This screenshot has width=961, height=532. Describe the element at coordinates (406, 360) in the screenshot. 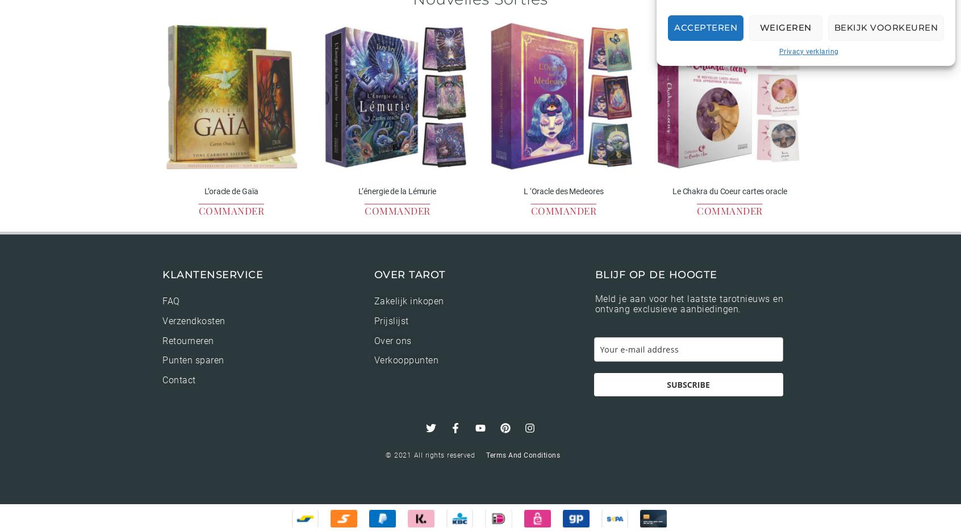

I see `'Verkooppunten'` at that location.